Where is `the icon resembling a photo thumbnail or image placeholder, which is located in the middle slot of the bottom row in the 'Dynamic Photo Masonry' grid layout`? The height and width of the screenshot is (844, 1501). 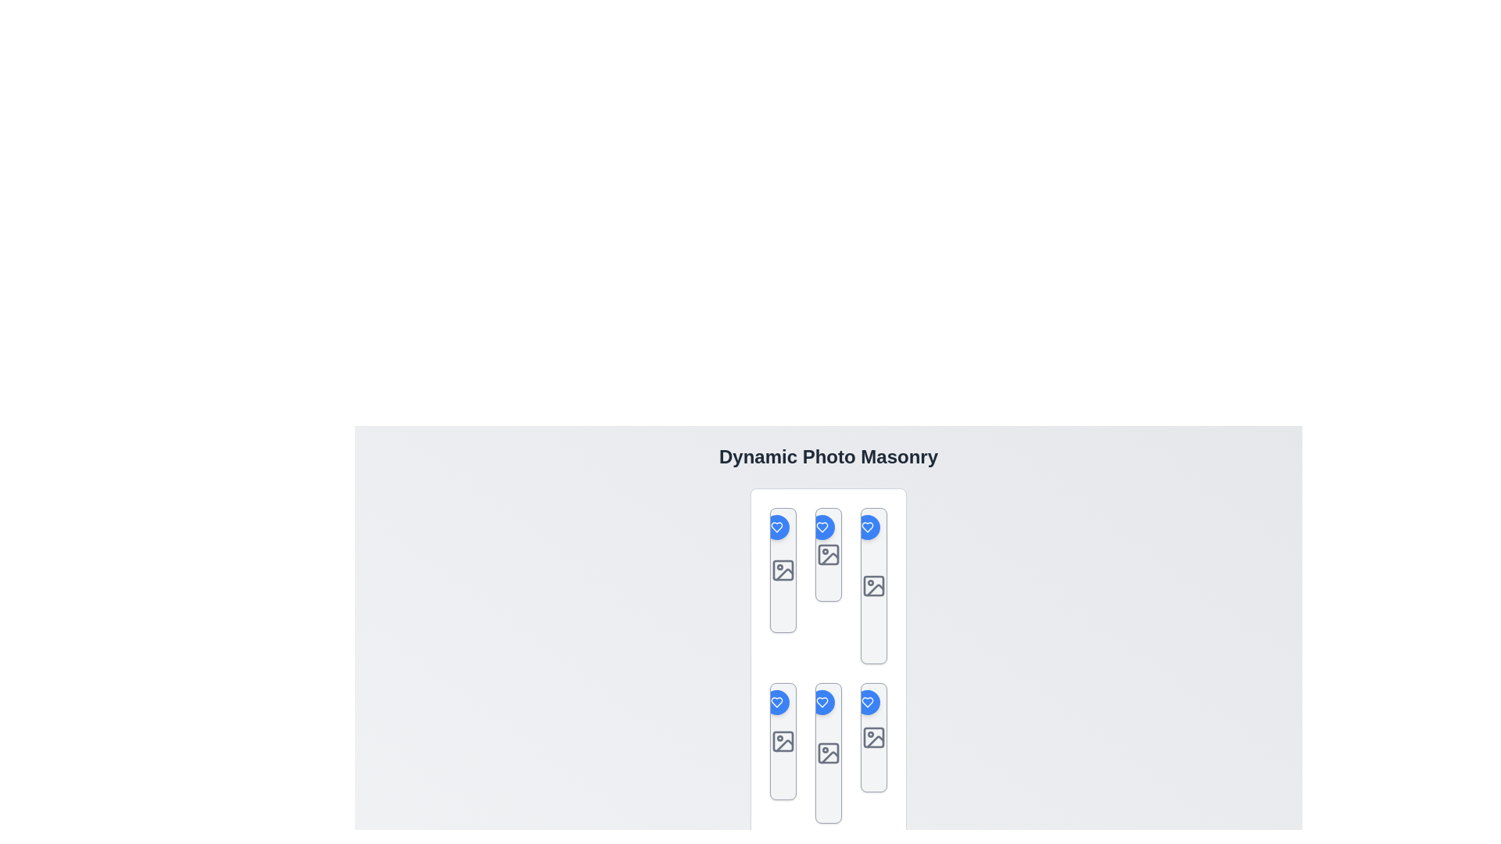 the icon resembling a photo thumbnail or image placeholder, which is located in the middle slot of the bottom row in the 'Dynamic Photo Masonry' grid layout is located at coordinates (828, 753).